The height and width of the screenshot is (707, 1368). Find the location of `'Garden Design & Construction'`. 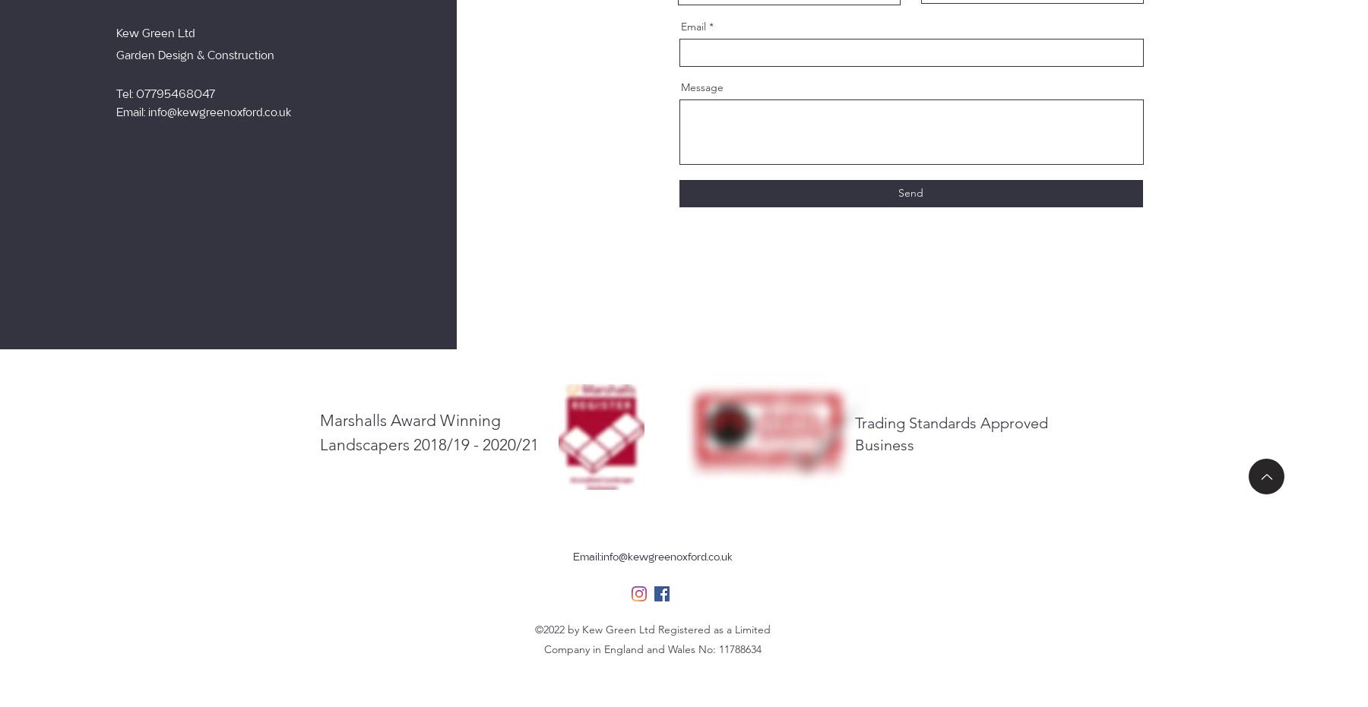

'Garden Design & Construction' is located at coordinates (115, 54).